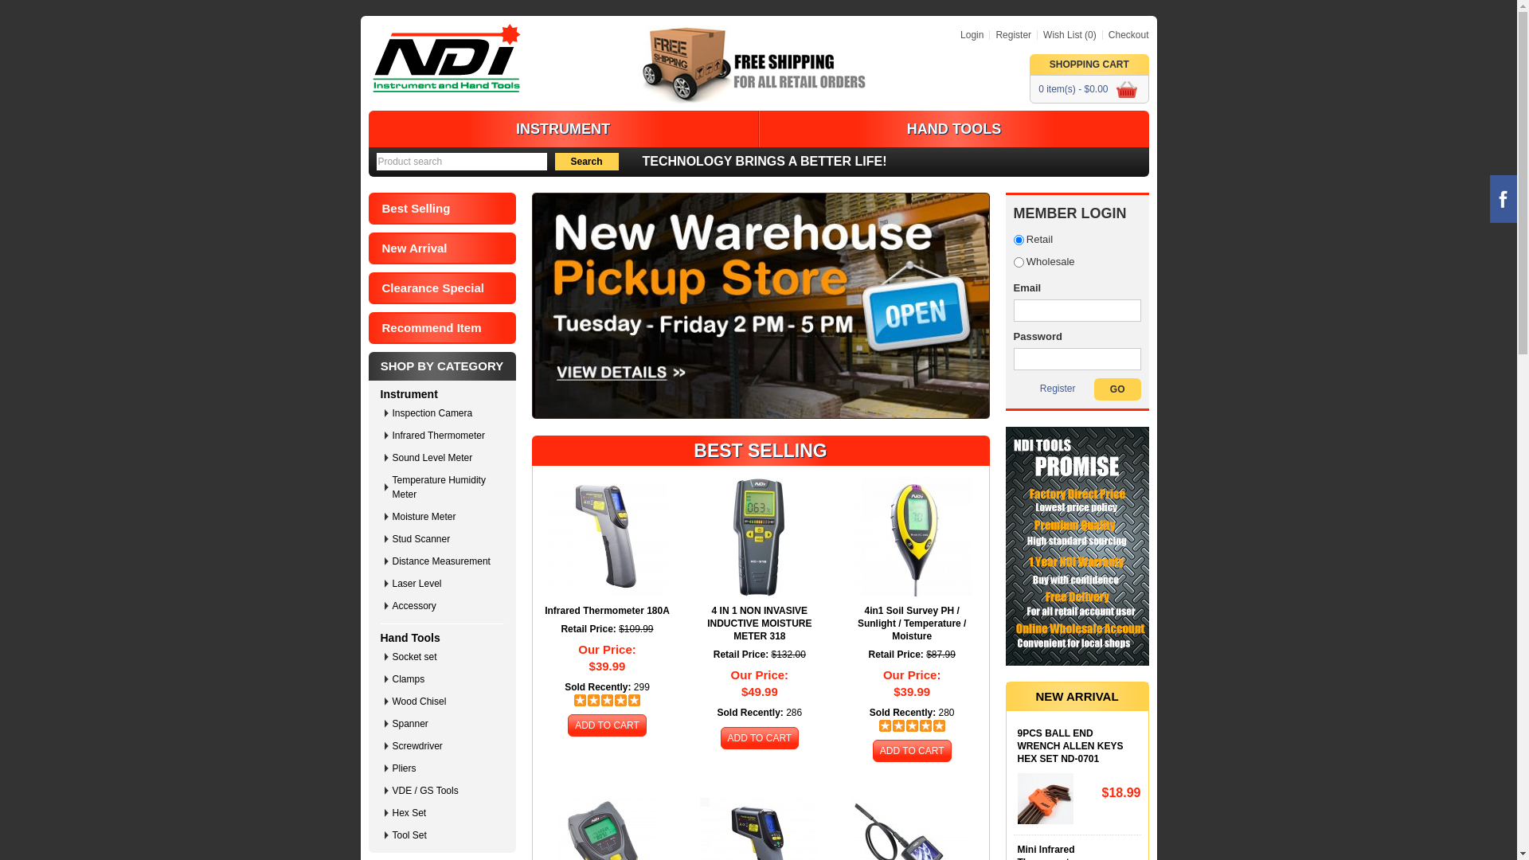 The height and width of the screenshot is (860, 1529). I want to click on 'Temperature Humidity Meter', so click(445, 487).